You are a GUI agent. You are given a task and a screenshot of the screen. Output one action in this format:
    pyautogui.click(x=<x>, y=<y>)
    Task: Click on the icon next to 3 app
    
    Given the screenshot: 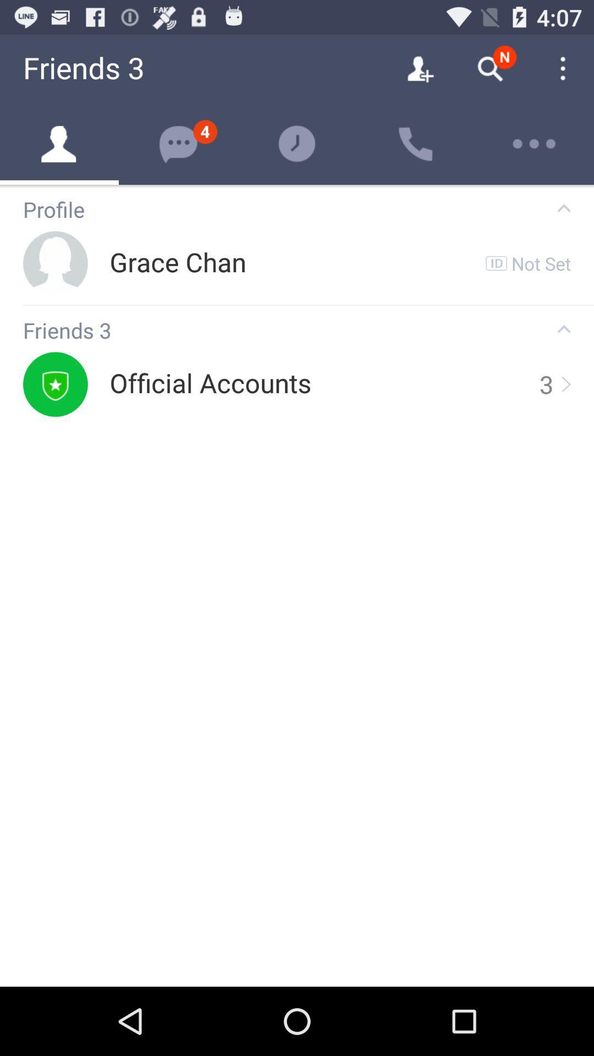 What is the action you would take?
    pyautogui.click(x=210, y=384)
    